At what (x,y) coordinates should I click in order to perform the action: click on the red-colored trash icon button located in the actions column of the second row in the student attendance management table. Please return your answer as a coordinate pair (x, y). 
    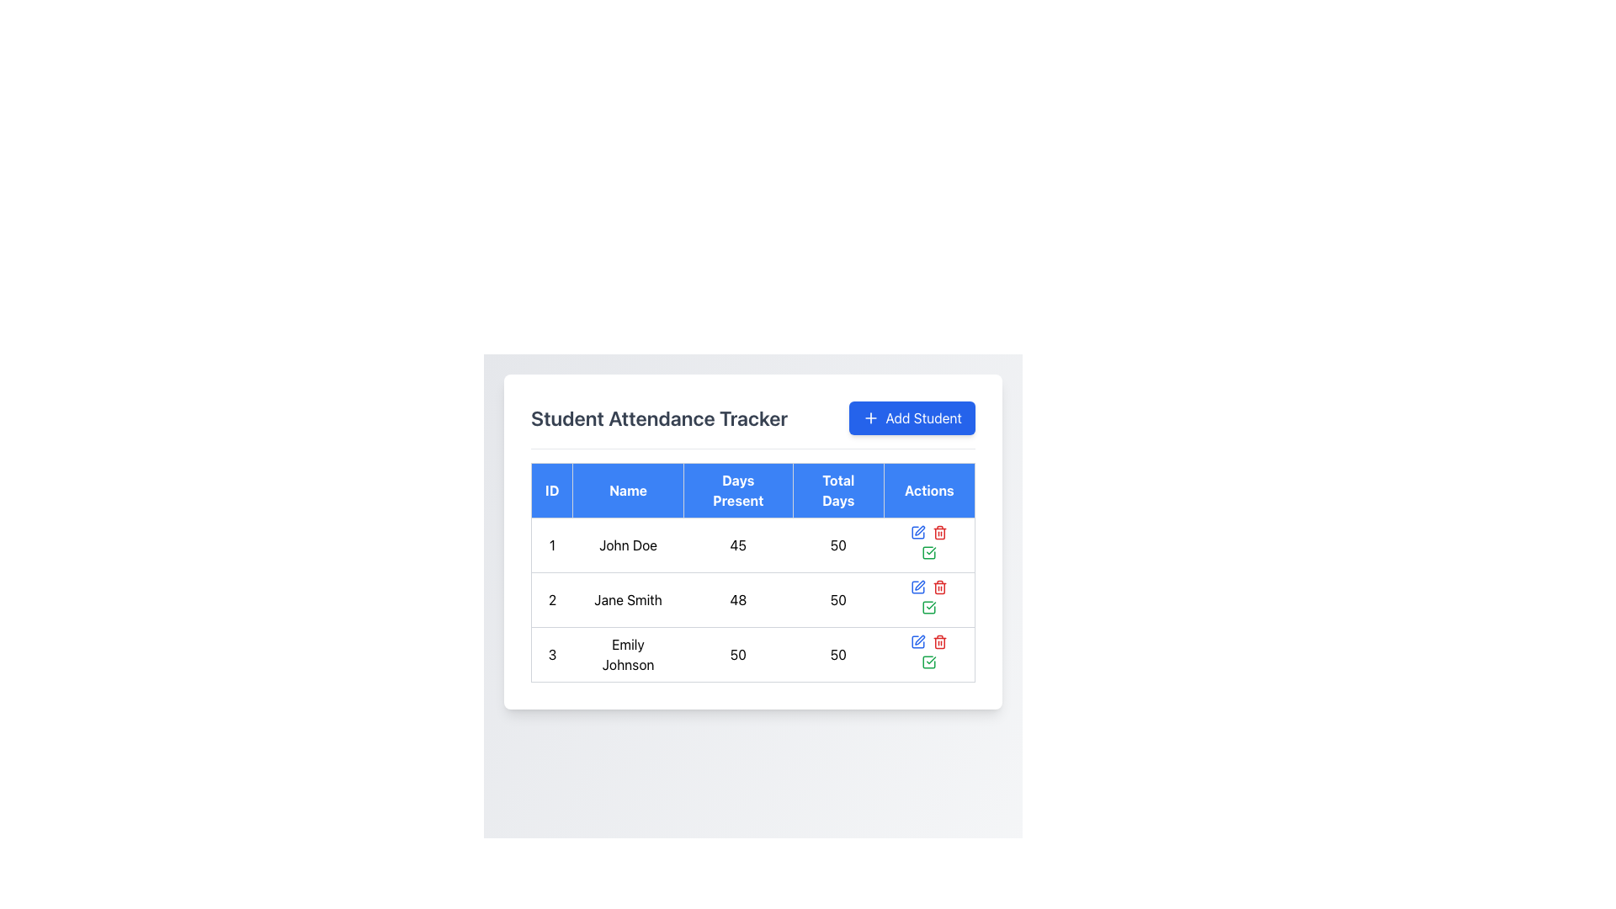
    Looking at the image, I should click on (939, 587).